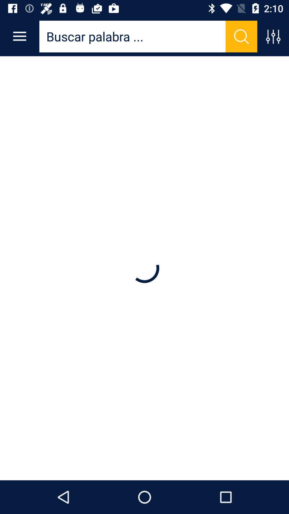  Describe the element at coordinates (241, 36) in the screenshot. I see `search typed query` at that location.